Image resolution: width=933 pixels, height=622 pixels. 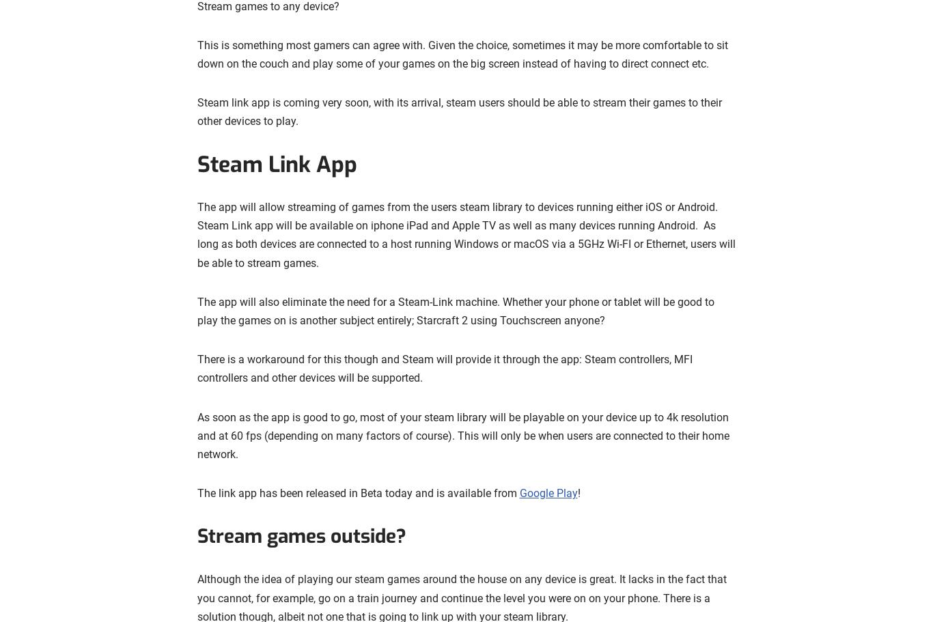 What do you see at coordinates (461, 54) in the screenshot?
I see `'This is something most gamers can agree with. Given the choice, sometimes it may be more comfortable to sit down on the couch and play some of your games on the big screen instead of having to direct connect etc.'` at bounding box center [461, 54].